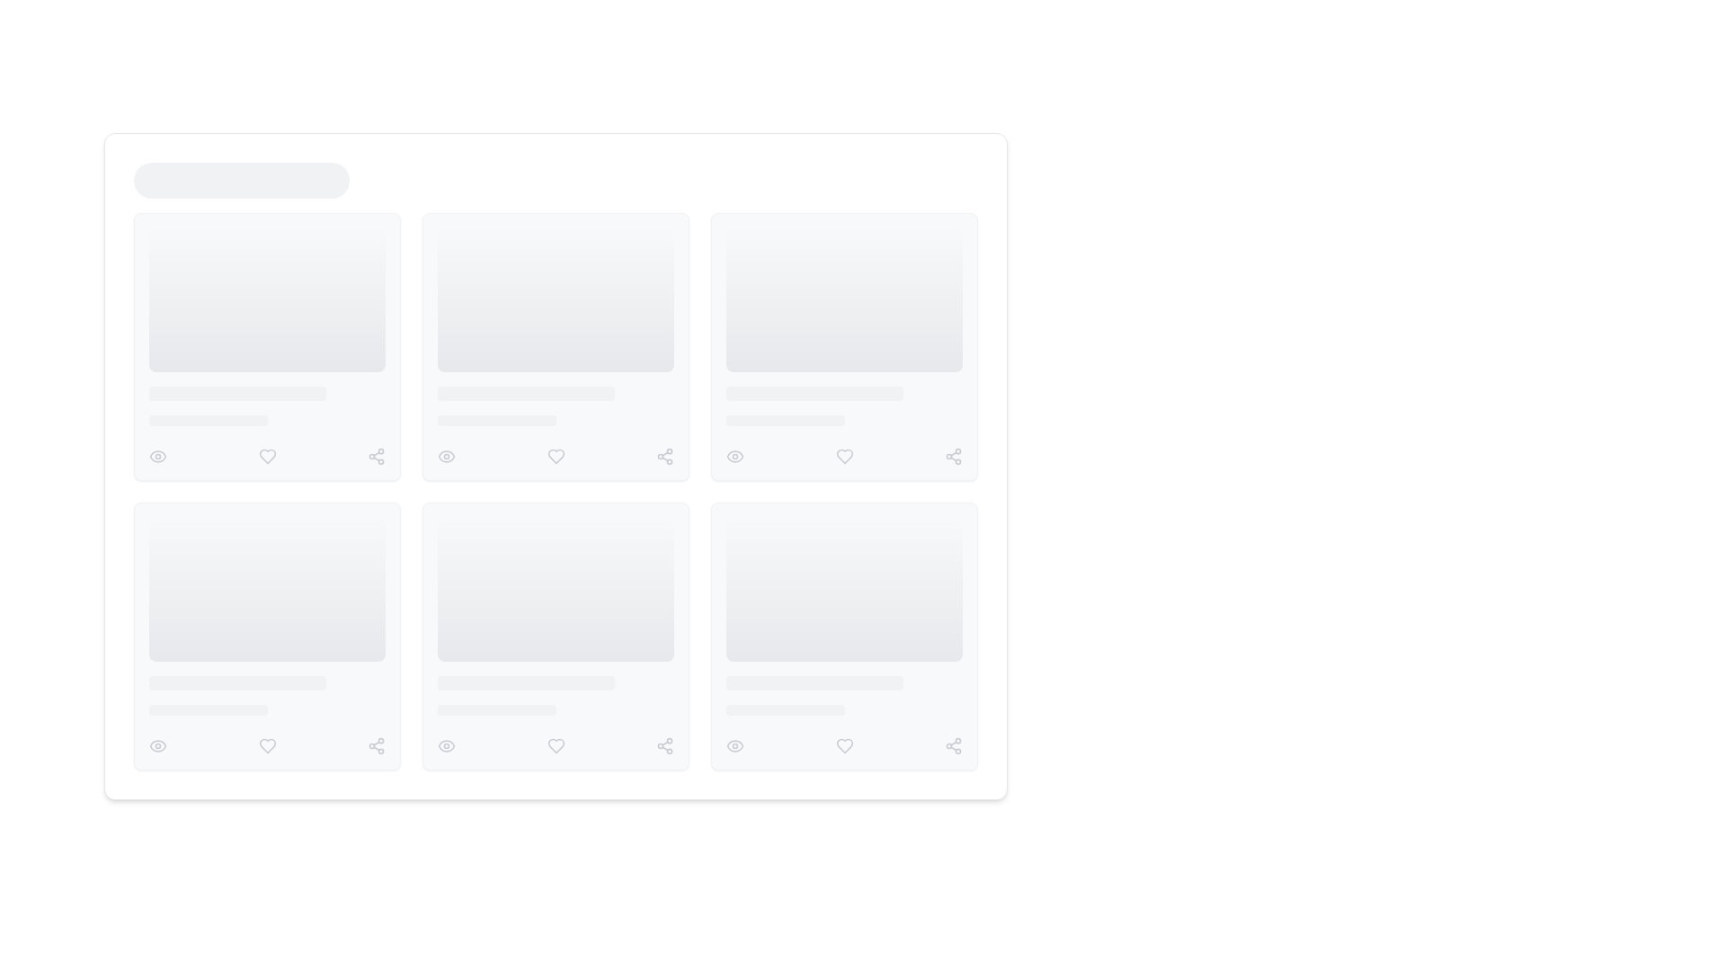 The height and width of the screenshot is (971, 1726). What do you see at coordinates (375, 745) in the screenshot?
I see `the 'share' icon, which is the rightmost button in the bottom row of a grid layout` at bounding box center [375, 745].